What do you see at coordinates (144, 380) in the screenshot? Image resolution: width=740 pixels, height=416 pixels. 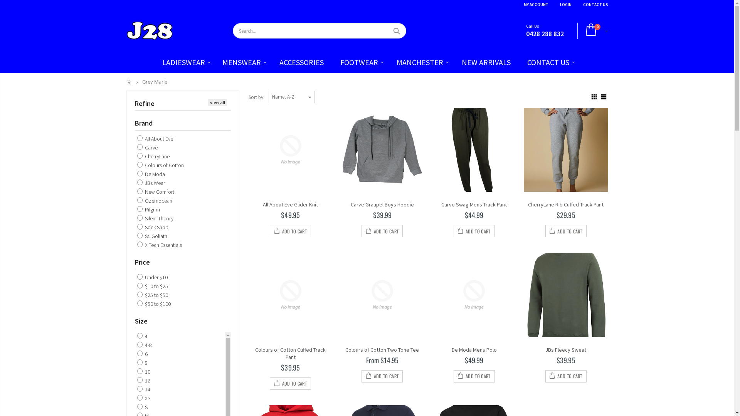 I see `'12'` at bounding box center [144, 380].